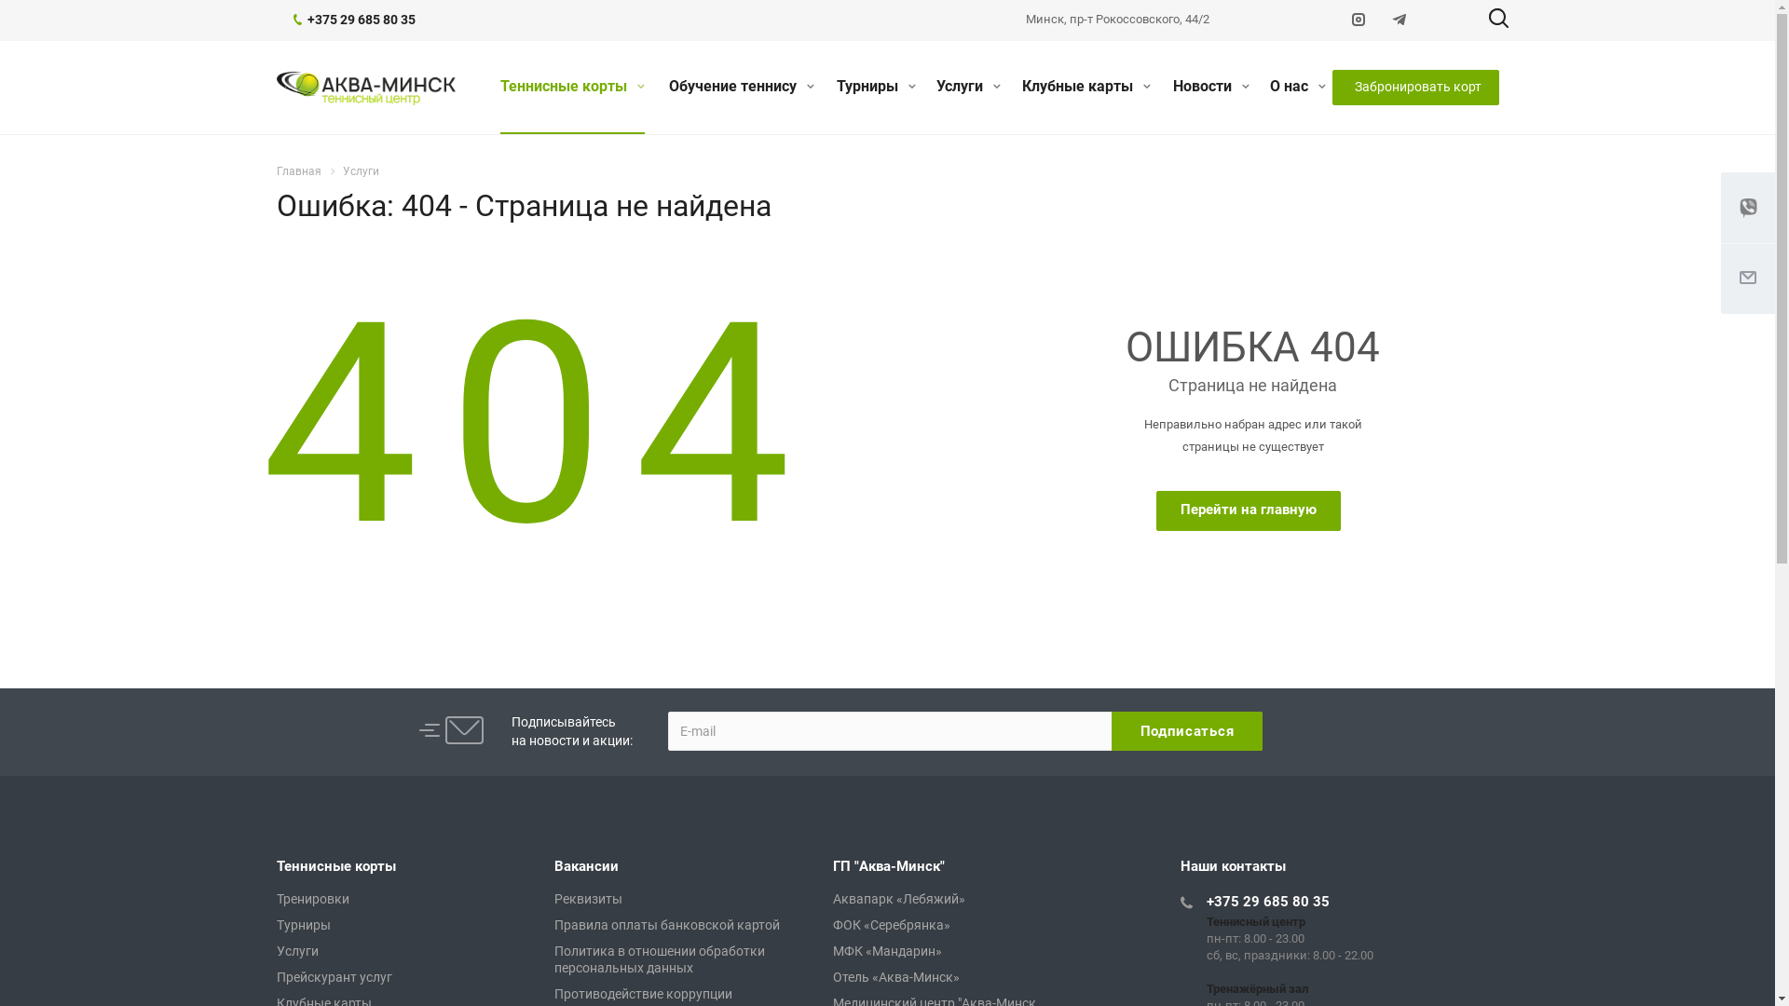  I want to click on 'Telegram', so click(1378, 20).